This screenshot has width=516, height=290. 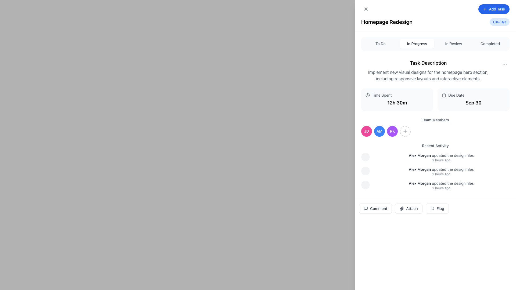 What do you see at coordinates (366, 9) in the screenshot?
I see `the close icon button located in the header section near the top left corner` at bounding box center [366, 9].